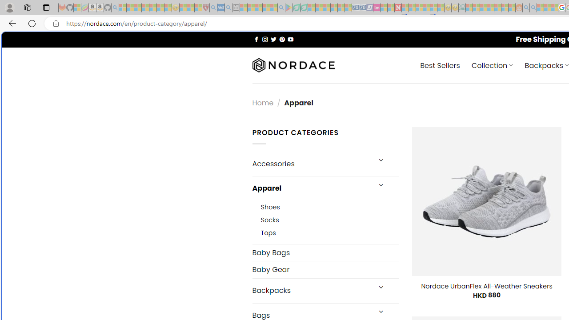 The height and width of the screenshot is (320, 569). What do you see at coordinates (329, 207) in the screenshot?
I see `'Shoes'` at bounding box center [329, 207].